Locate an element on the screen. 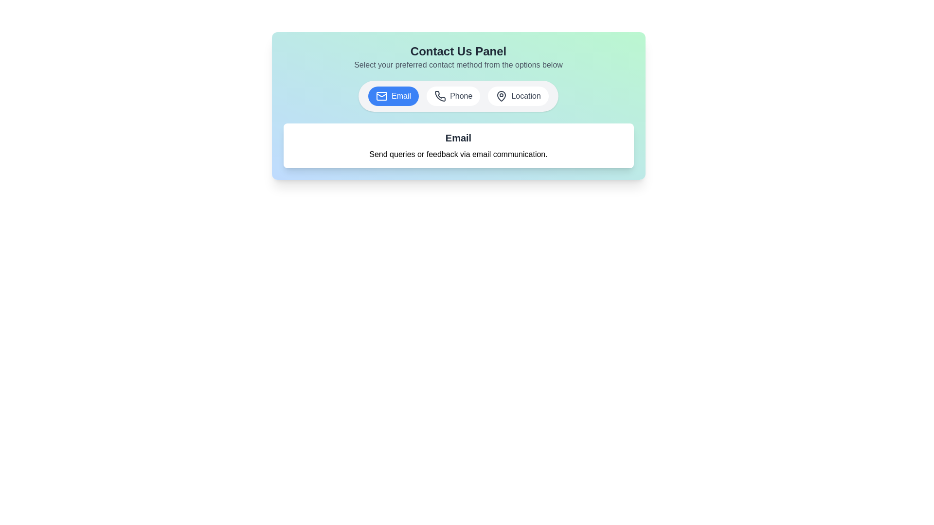  the 'Location' button, which contains a dark-colored pin icon is located at coordinates (502, 96).